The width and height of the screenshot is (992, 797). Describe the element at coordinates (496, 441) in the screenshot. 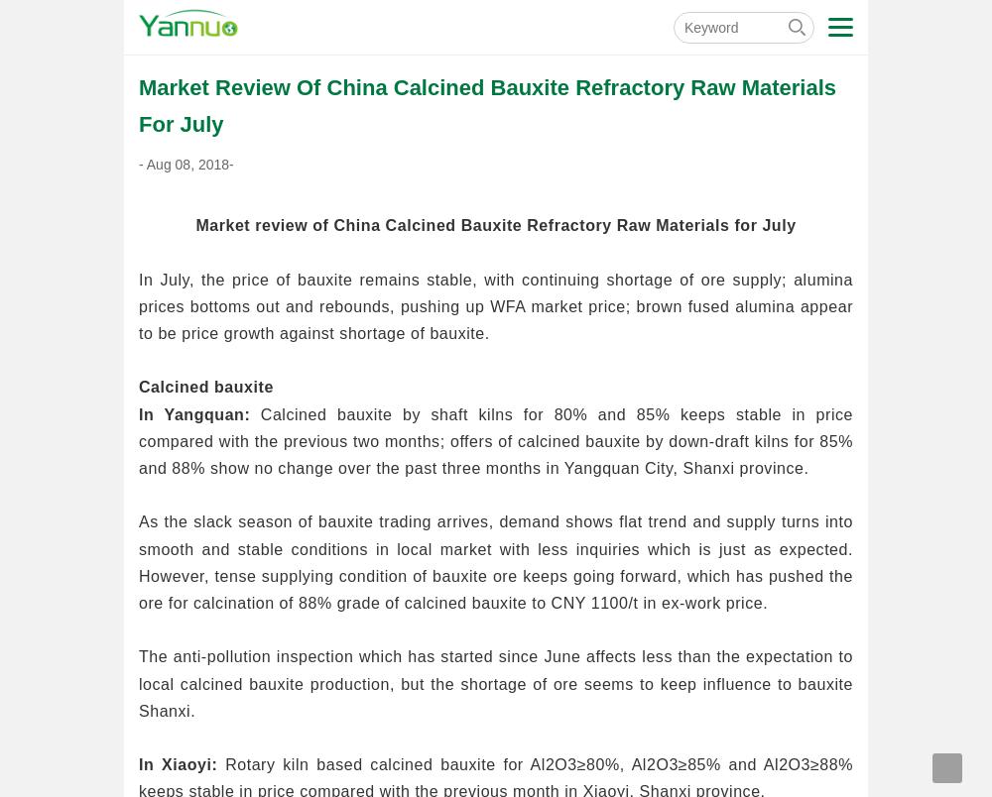

I see `'Calcined bauxite by shaft kilns for 80% and 85% keeps stable in price compared with the previous two months; offers of calcined bauxite by down-draft kilns for 85% and 88% show no change over the past three months in Yangquan City, Shanxi province.'` at that location.